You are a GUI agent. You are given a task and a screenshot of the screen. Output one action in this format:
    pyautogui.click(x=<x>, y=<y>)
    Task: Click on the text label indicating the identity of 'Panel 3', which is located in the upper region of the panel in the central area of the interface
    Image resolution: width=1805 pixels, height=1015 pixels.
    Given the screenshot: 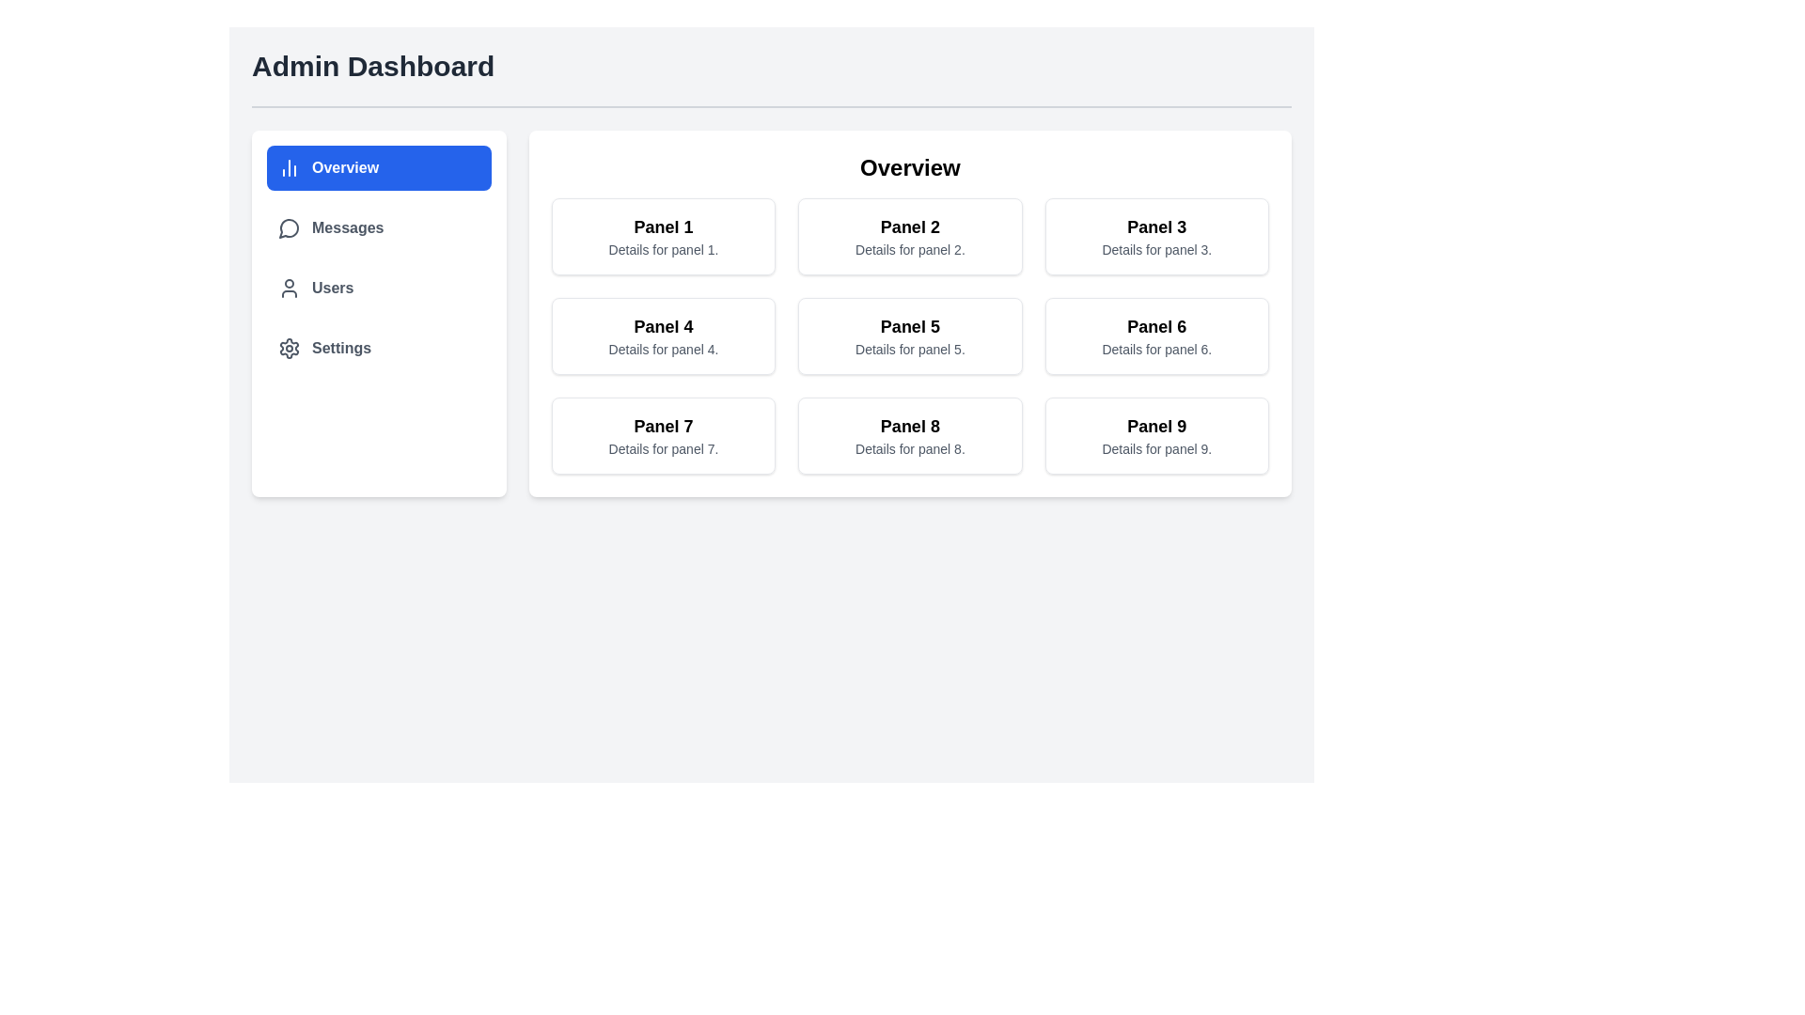 What is the action you would take?
    pyautogui.click(x=1155, y=226)
    